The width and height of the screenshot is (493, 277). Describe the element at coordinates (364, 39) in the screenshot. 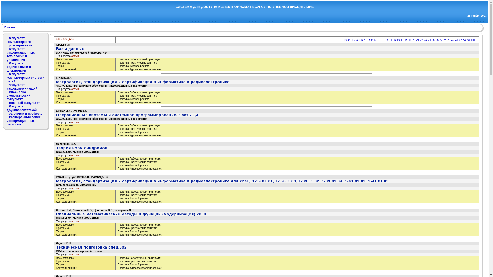

I see `'6'` at that location.